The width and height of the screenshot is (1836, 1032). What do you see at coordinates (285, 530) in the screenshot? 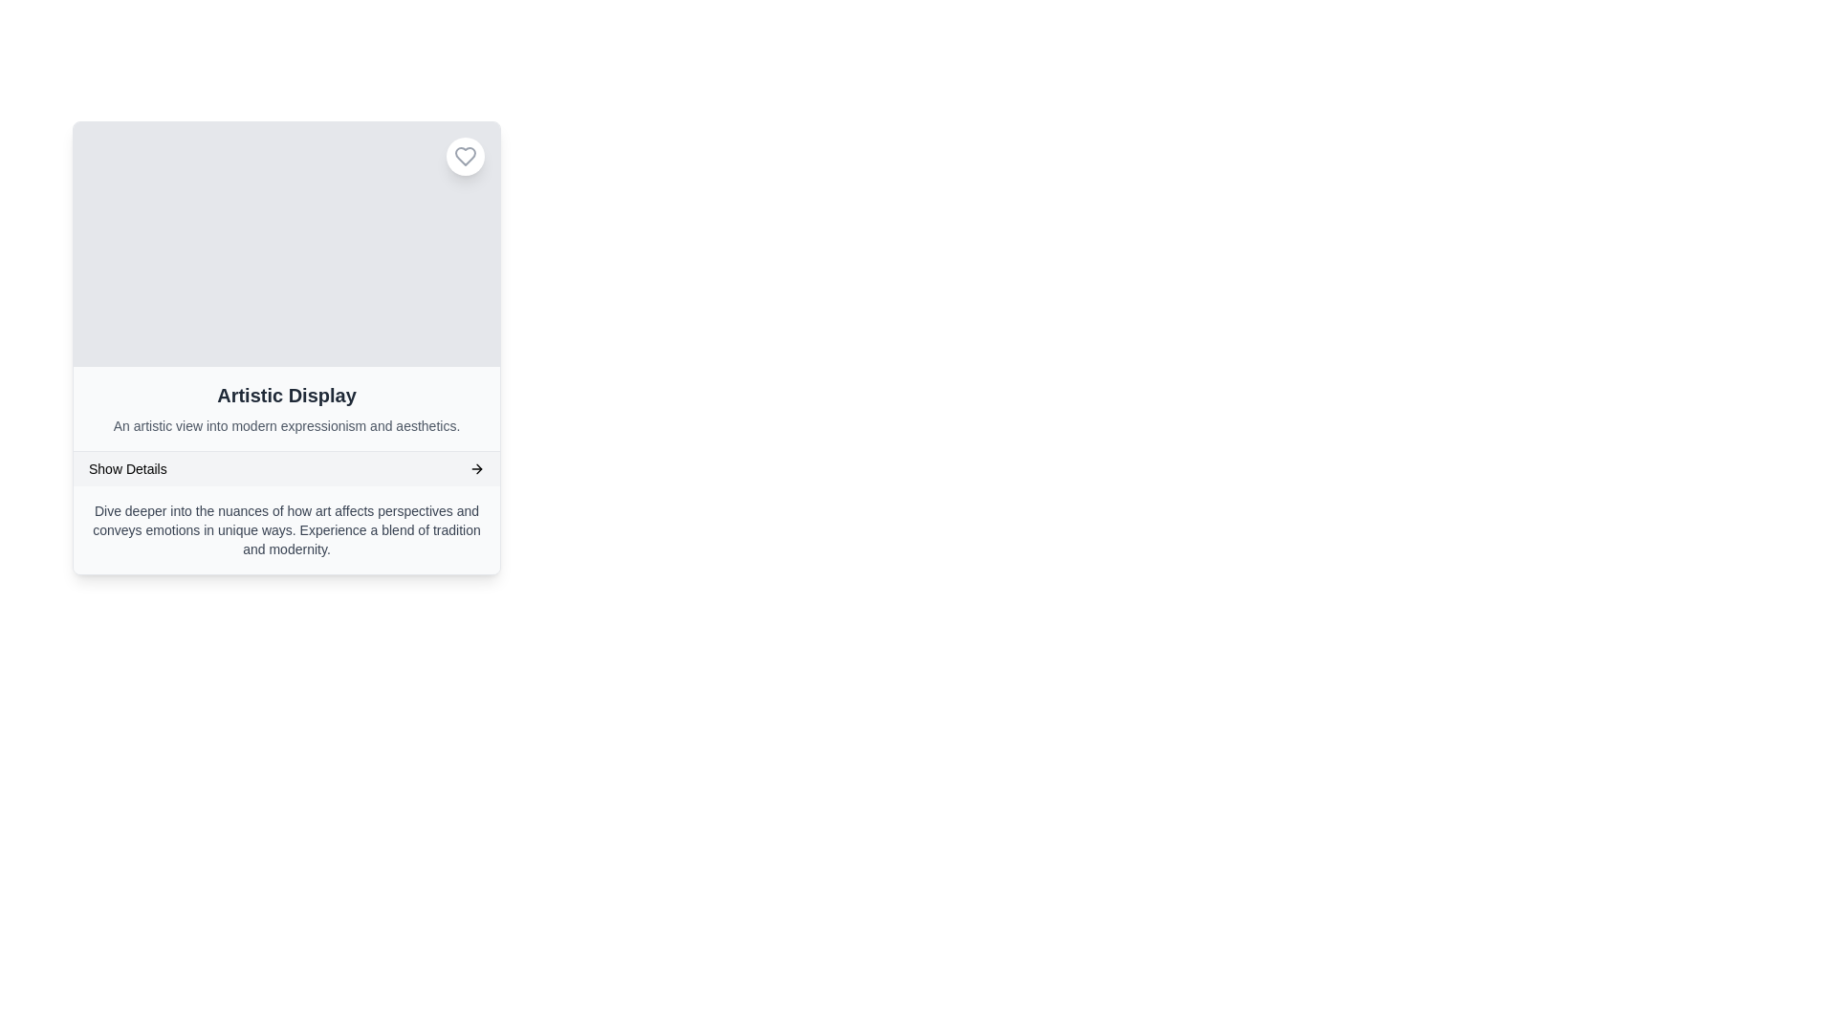
I see `the text block styled in small gray font that describes art and its emotional impact, located at the bottom of the 'Artistic Display' card` at bounding box center [285, 530].